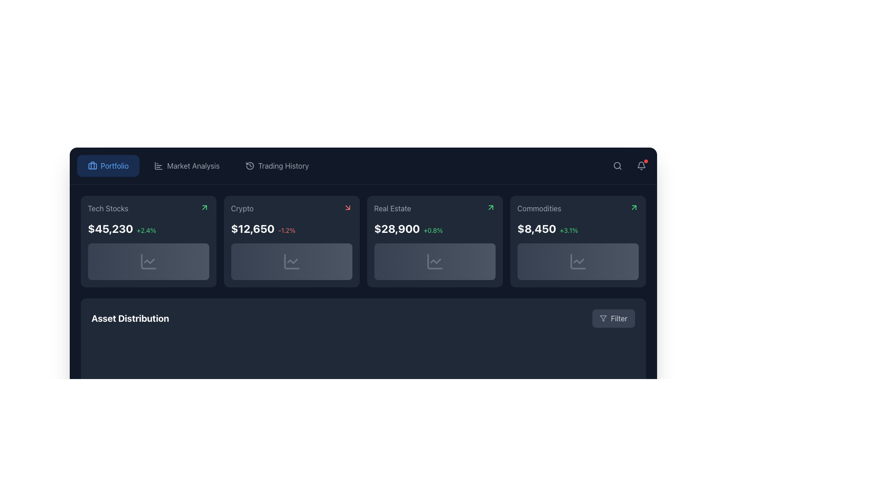 The image size is (881, 495). Describe the element at coordinates (146, 230) in the screenshot. I see `the Text label that displays the percentage change in value, located within the 'Tech Stocks' card, to the right of the '$45,230' text` at that location.